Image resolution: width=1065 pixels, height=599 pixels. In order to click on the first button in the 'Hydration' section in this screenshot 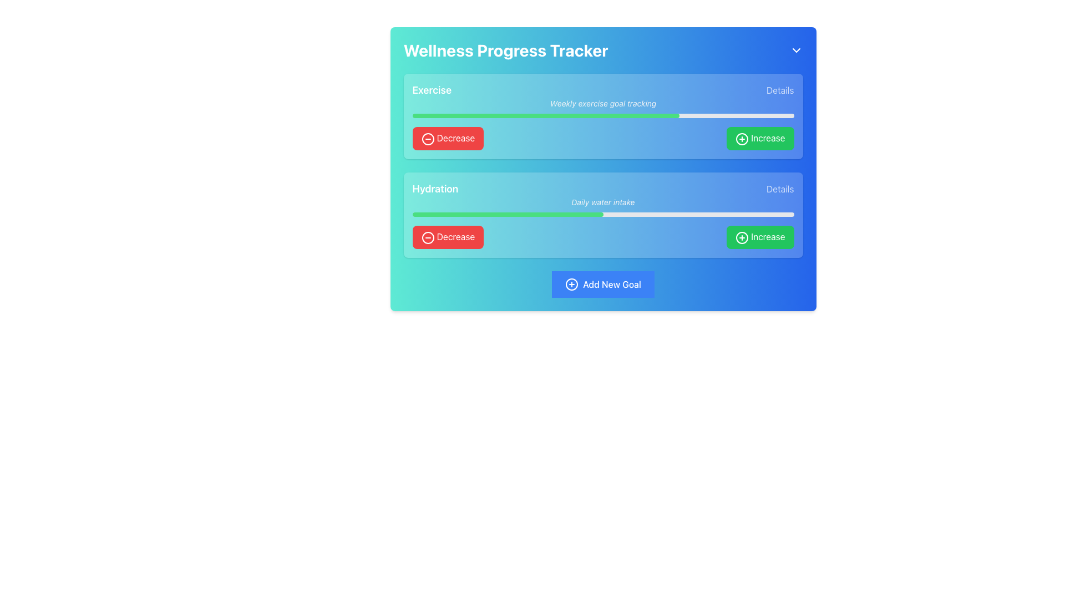, I will do `click(448, 236)`.